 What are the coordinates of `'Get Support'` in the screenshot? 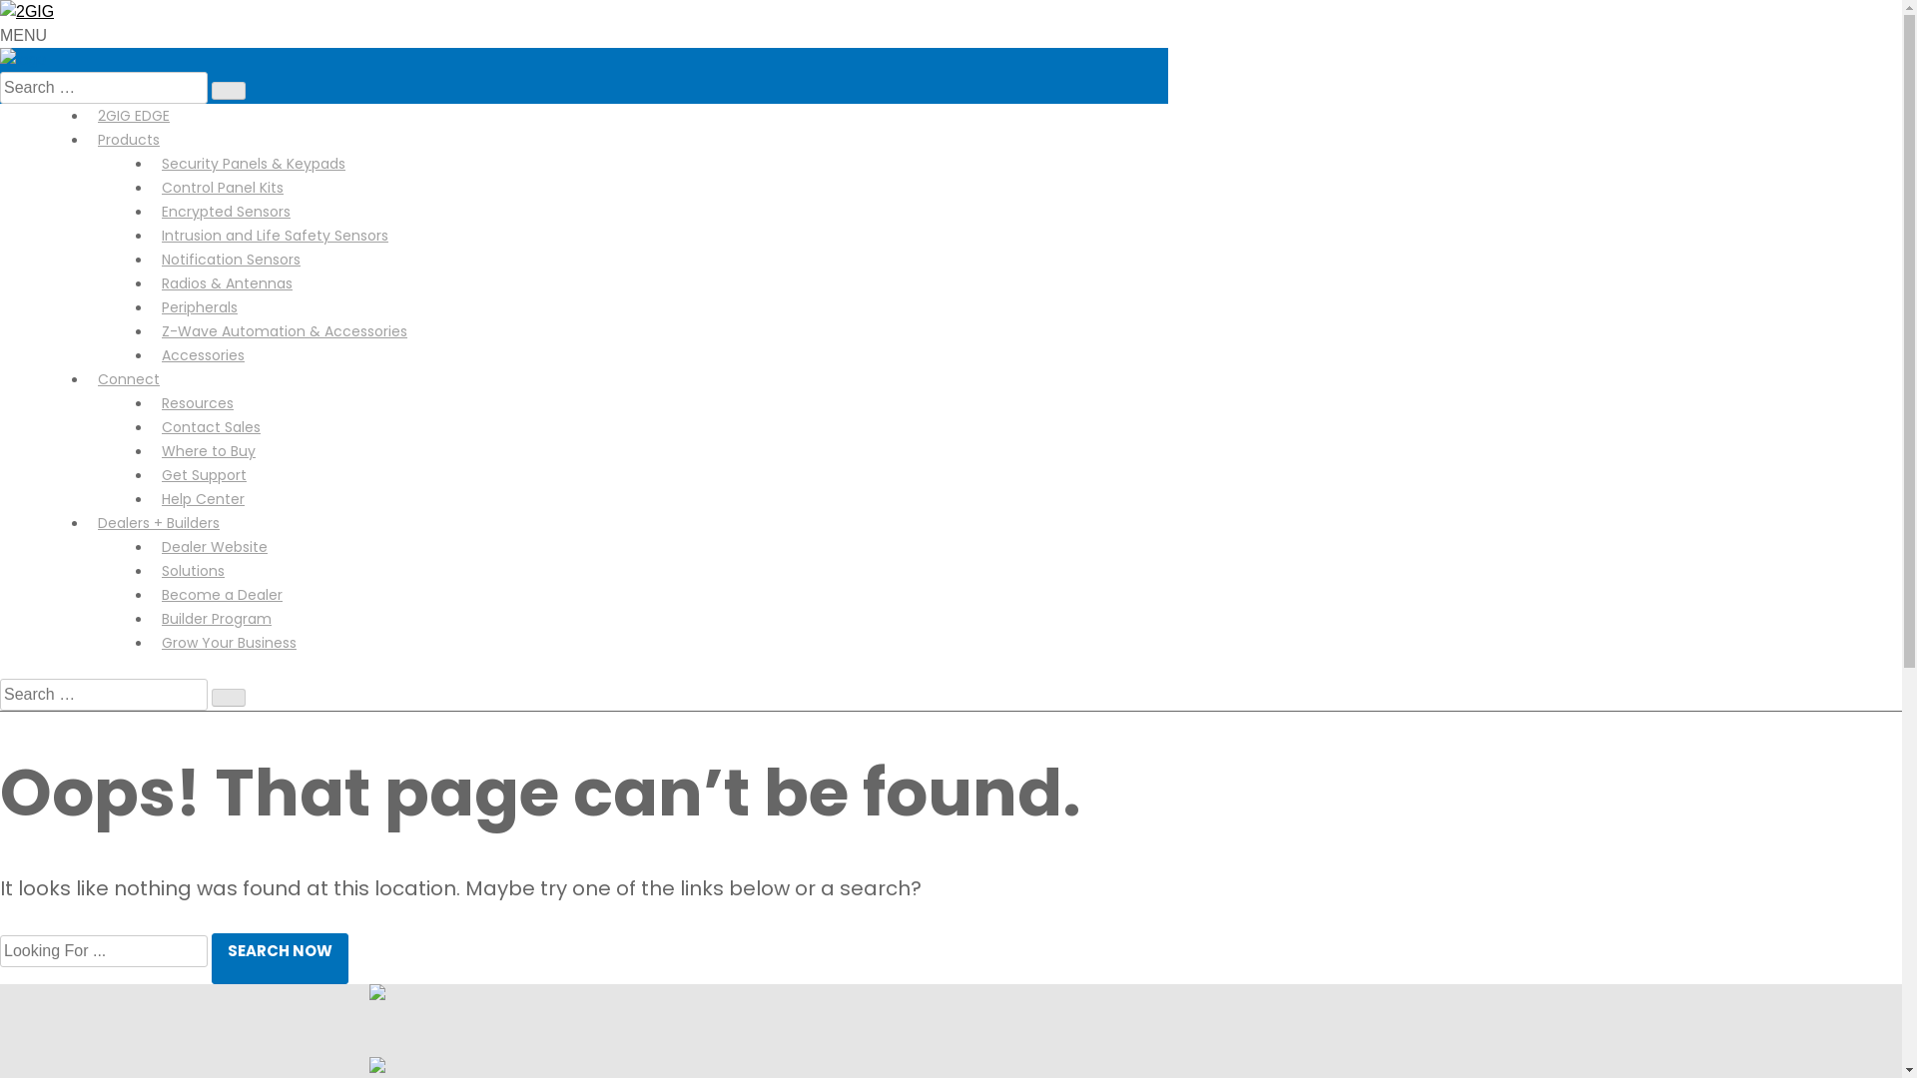 It's located at (204, 474).